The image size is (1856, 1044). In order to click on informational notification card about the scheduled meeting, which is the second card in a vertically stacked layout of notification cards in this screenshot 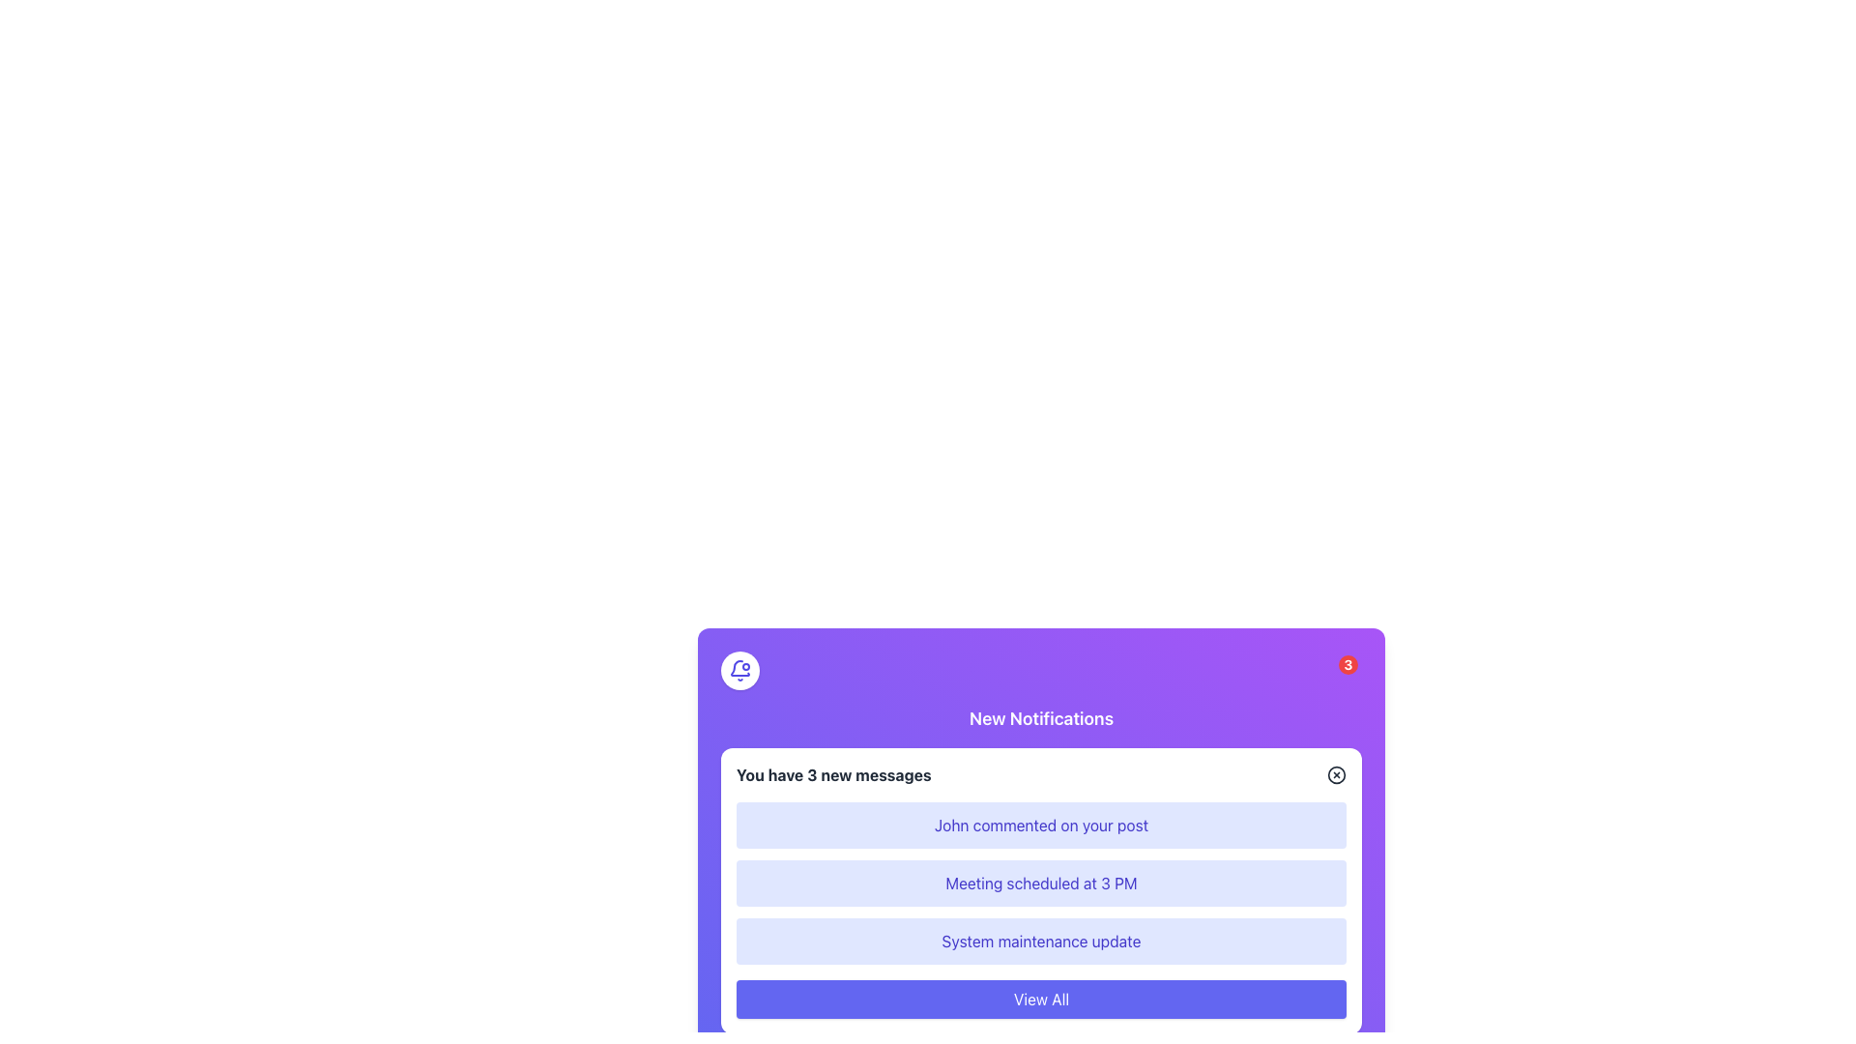, I will do `click(1040, 884)`.